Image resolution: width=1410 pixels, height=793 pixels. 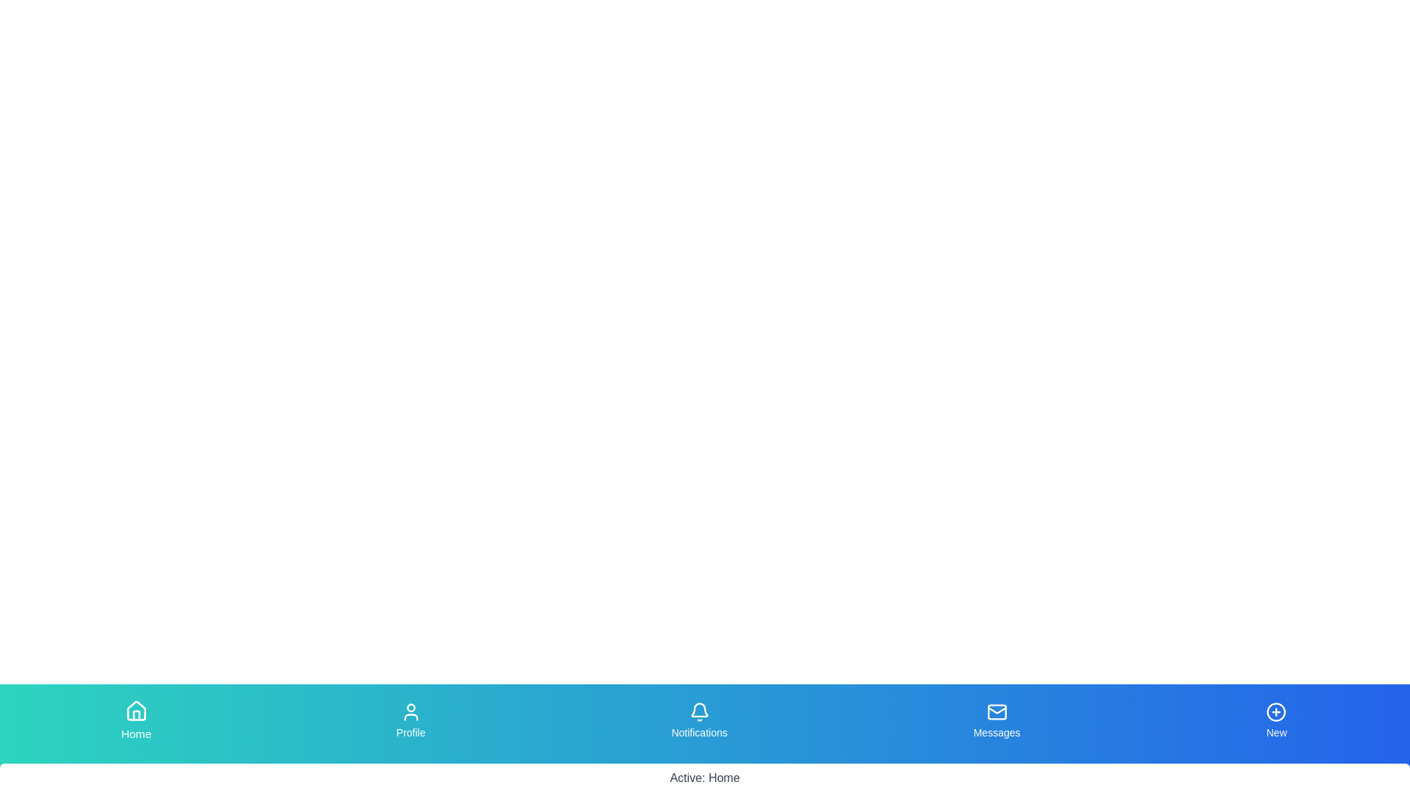 What do you see at coordinates (411, 720) in the screenshot?
I see `the tab labeled Profile` at bounding box center [411, 720].